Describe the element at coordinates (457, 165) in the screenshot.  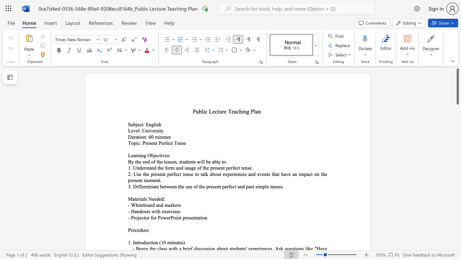
I see `the scrollbar to scroll the page down` at that location.